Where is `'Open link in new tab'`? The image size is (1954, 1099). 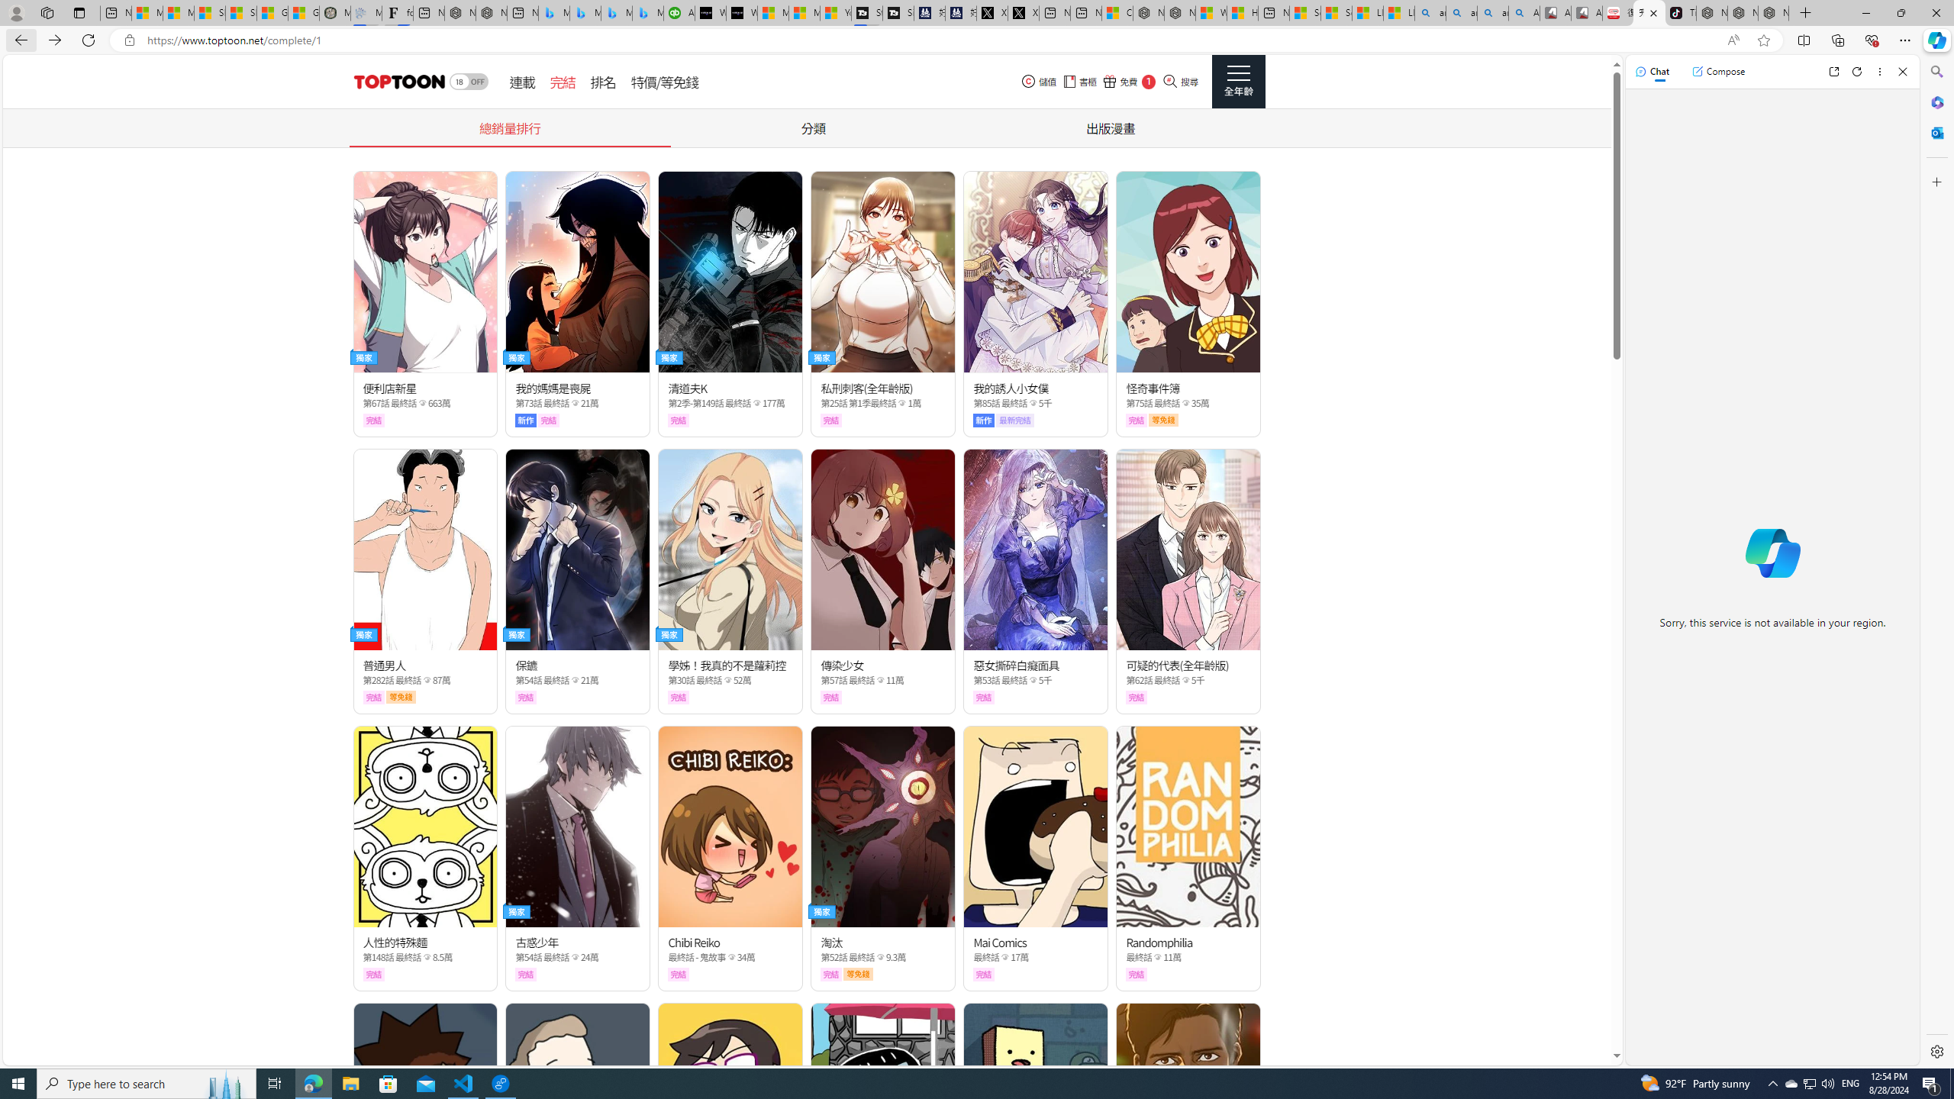
'Open link in new tab' is located at coordinates (1833, 71).